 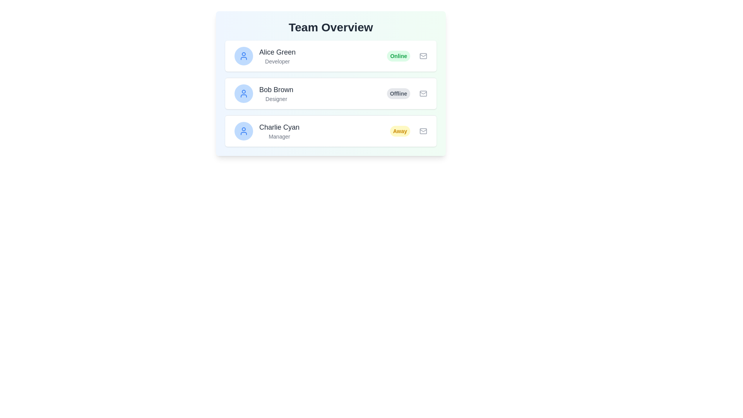 What do you see at coordinates (330, 93) in the screenshot?
I see `the second user profile card displaying user profile details between 'Alice Green' and 'Charlie Cyan' in the 'Team Overview' section` at bounding box center [330, 93].